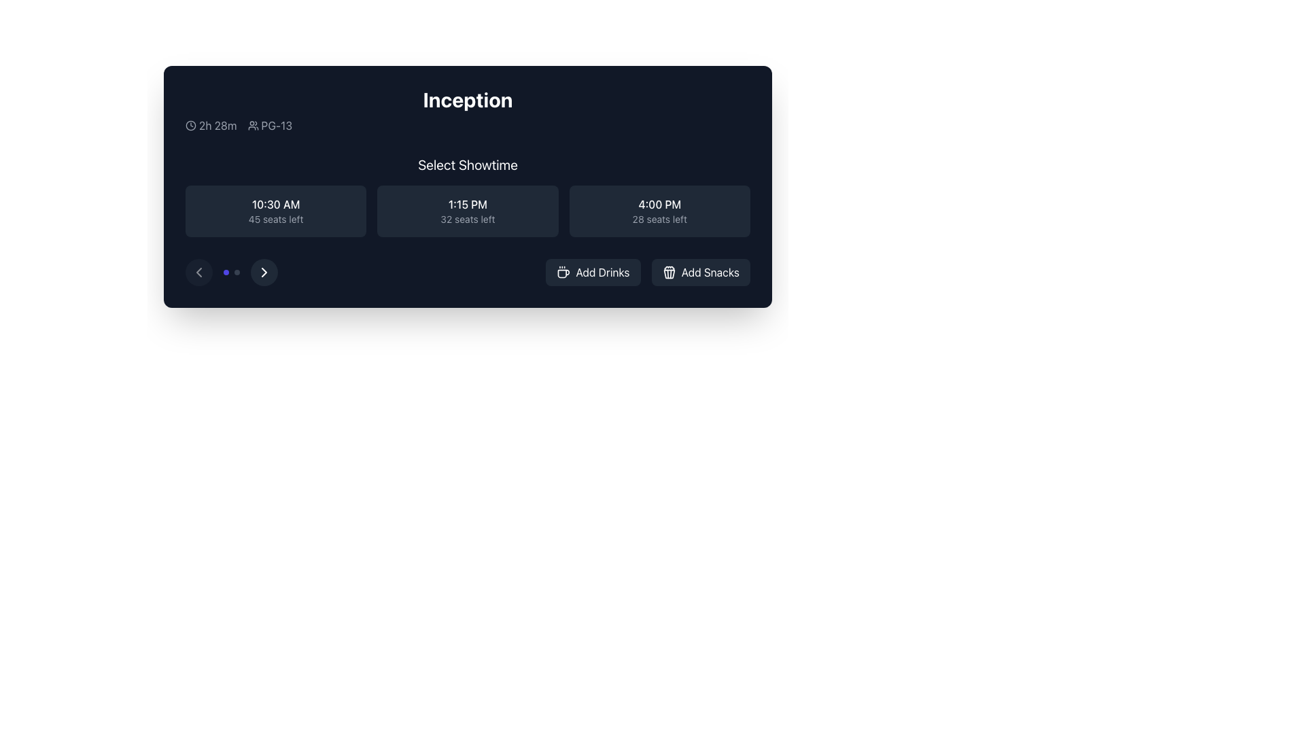 The width and height of the screenshot is (1305, 734). Describe the element at coordinates (602, 273) in the screenshot. I see `the 'Add Drinks' text label within the button to observe any potential visual changes` at that location.